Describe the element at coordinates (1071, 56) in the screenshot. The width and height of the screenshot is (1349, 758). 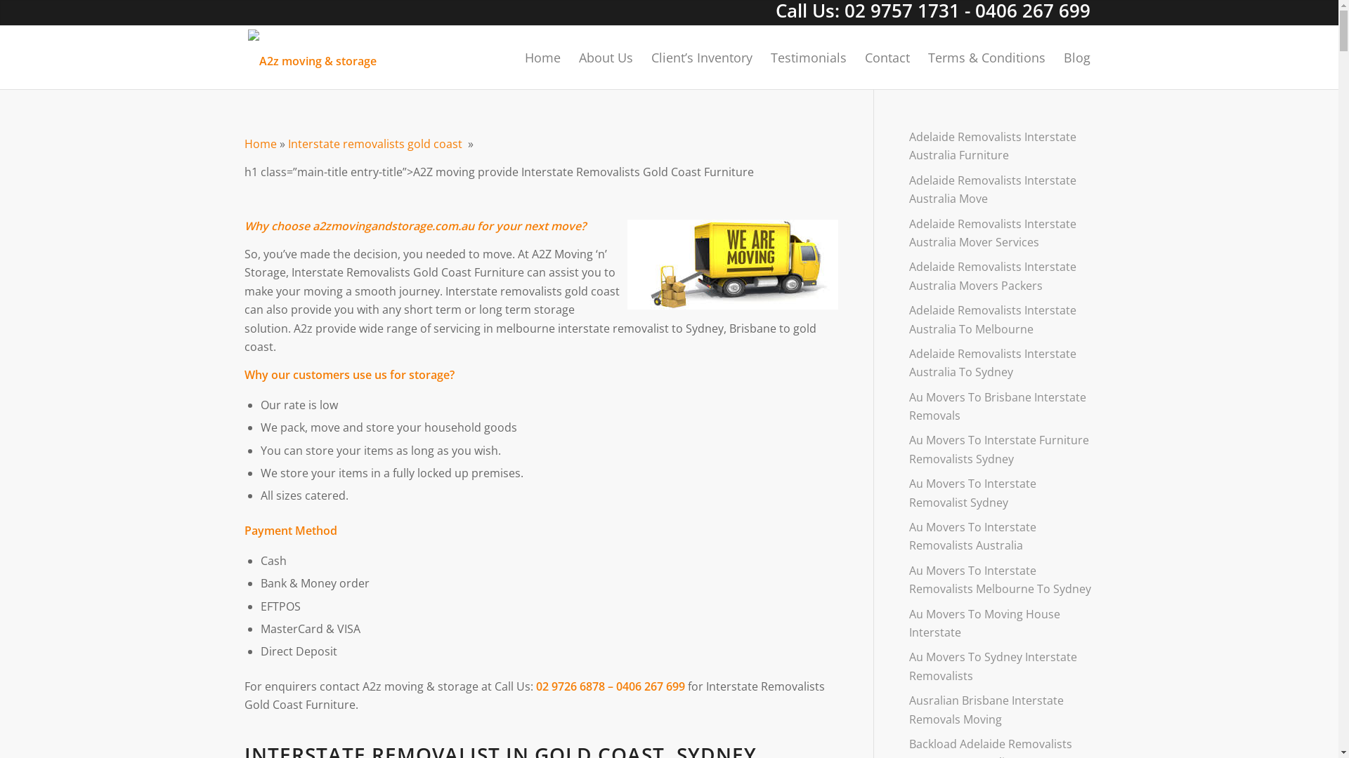
I see `'Blog'` at that location.